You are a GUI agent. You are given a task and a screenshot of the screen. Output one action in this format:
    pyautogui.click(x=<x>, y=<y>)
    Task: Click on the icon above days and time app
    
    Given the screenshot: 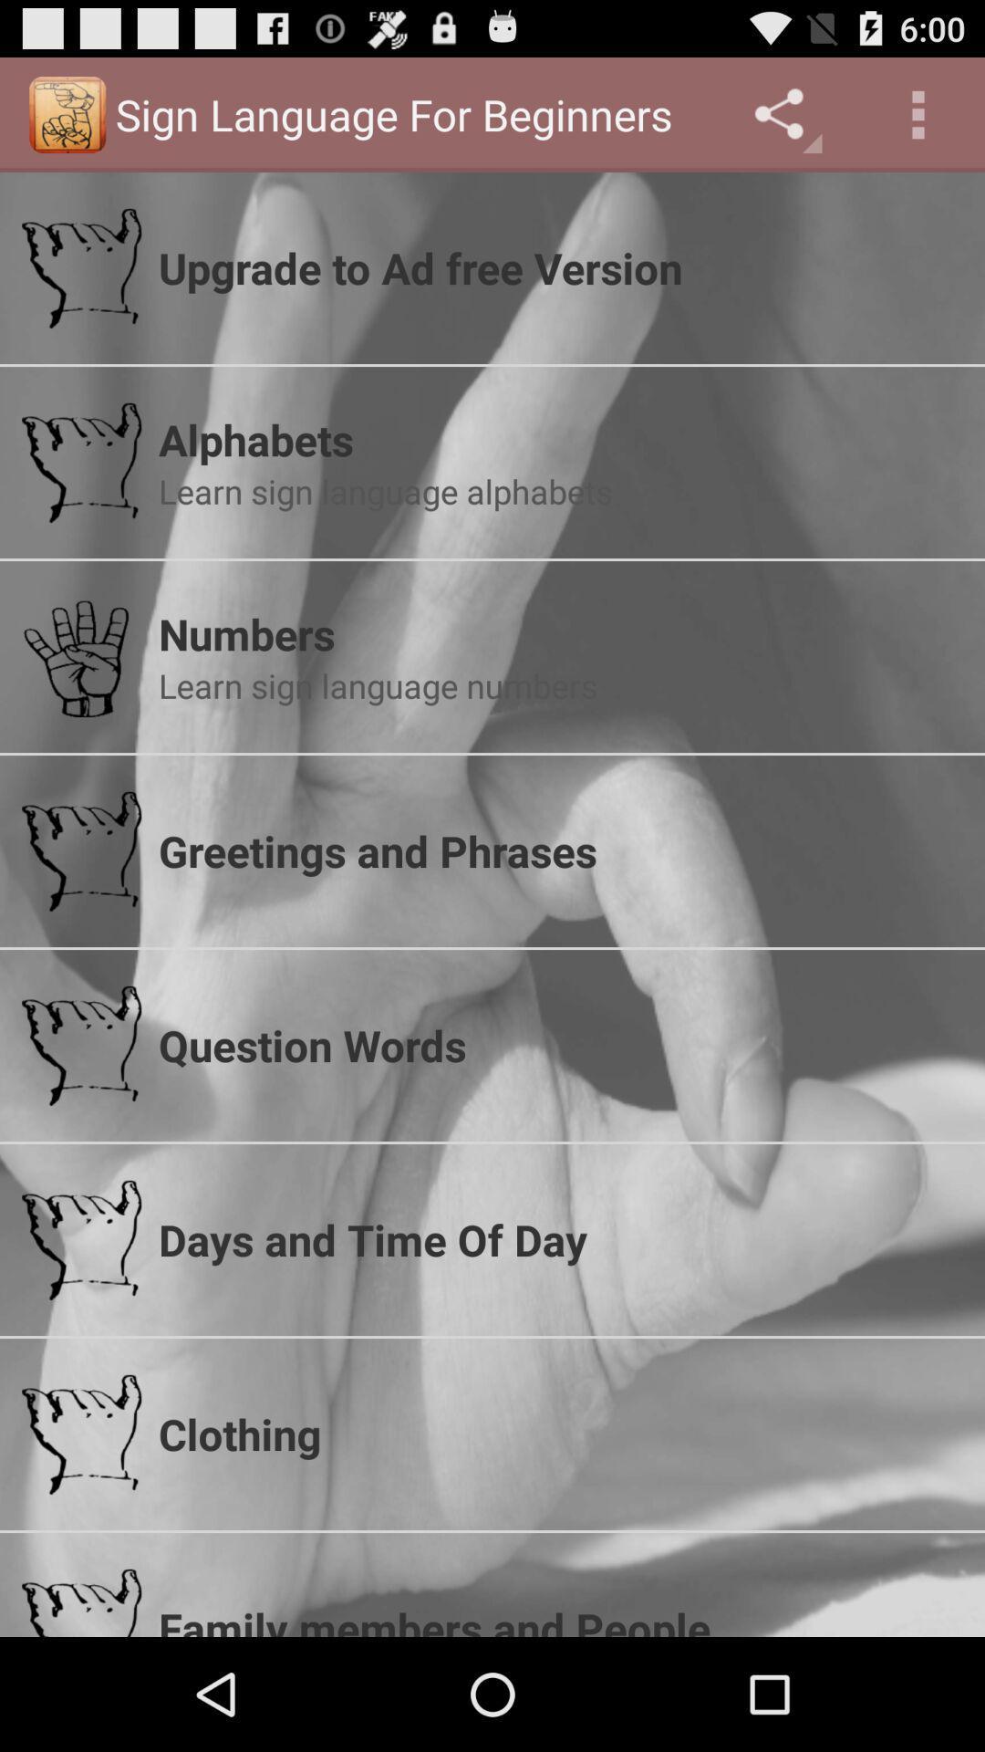 What is the action you would take?
    pyautogui.click(x=559, y=1045)
    